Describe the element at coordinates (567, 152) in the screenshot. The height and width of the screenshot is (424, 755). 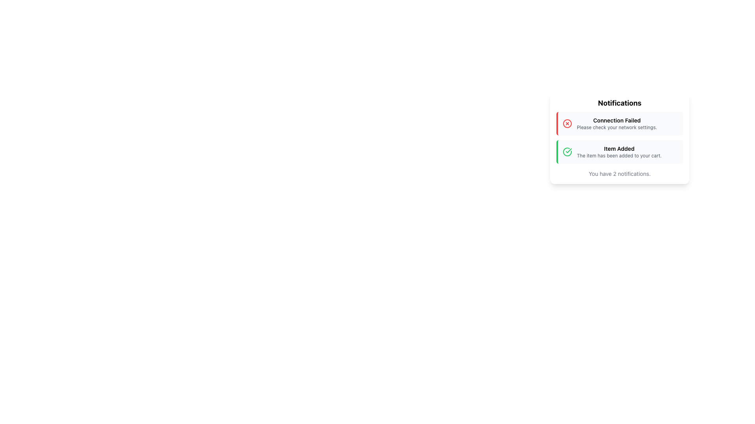
I see `the green circular icon with a check mark inside, located to the left of the 'Item Added' notification in the Notifications section to associate it with the related notification` at that location.